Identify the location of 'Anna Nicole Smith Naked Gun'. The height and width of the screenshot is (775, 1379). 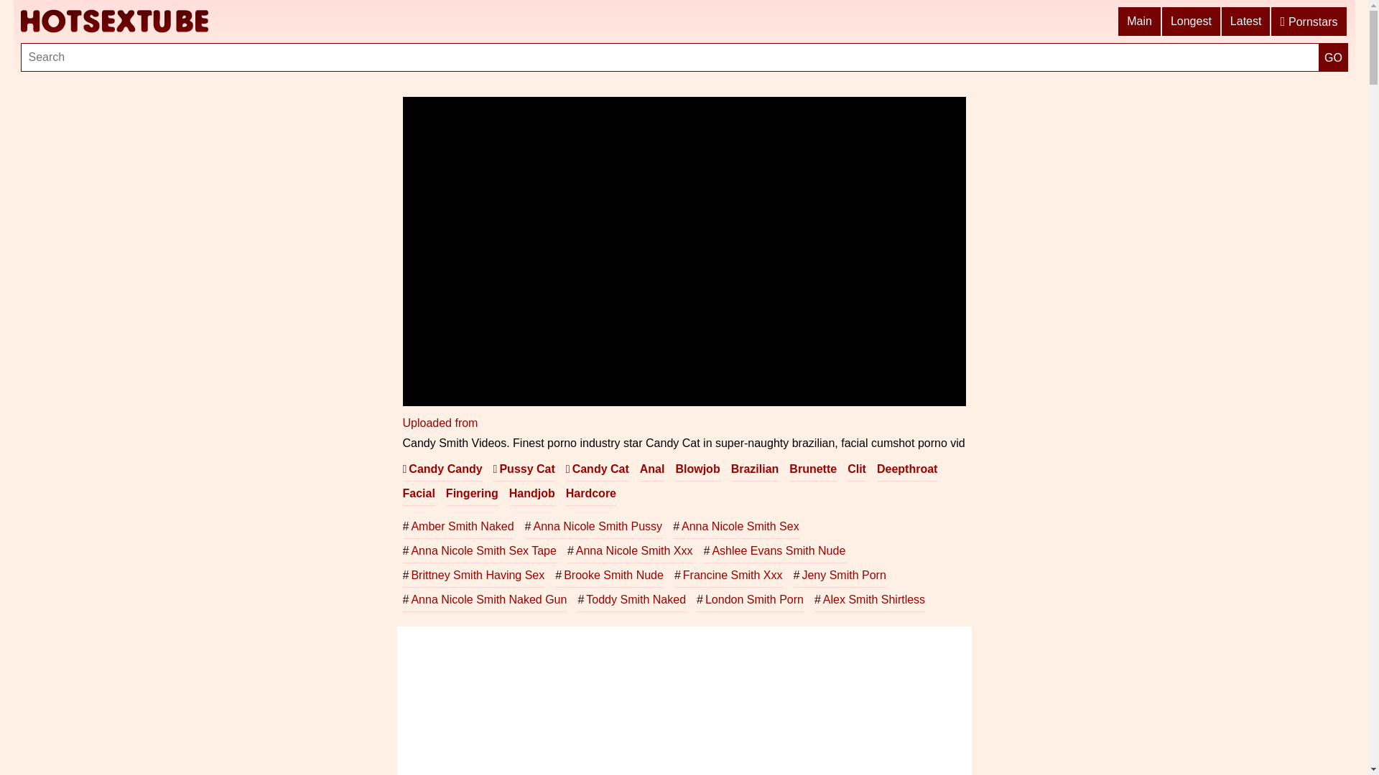
(484, 600).